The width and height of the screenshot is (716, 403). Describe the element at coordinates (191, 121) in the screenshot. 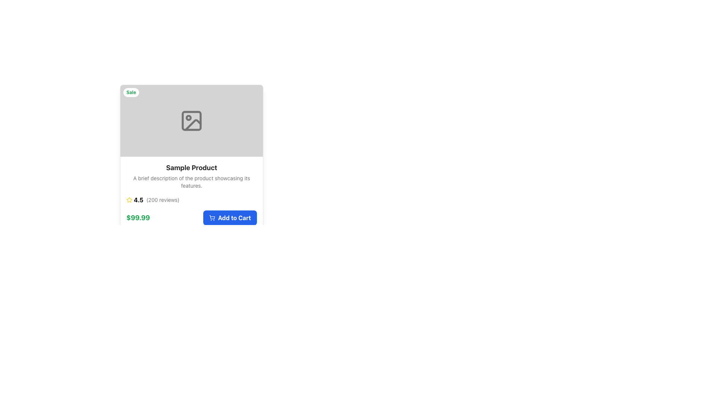

I see `the Icon component, which is a rounded rectangle shape, centrally located within the product card above the product title` at that location.